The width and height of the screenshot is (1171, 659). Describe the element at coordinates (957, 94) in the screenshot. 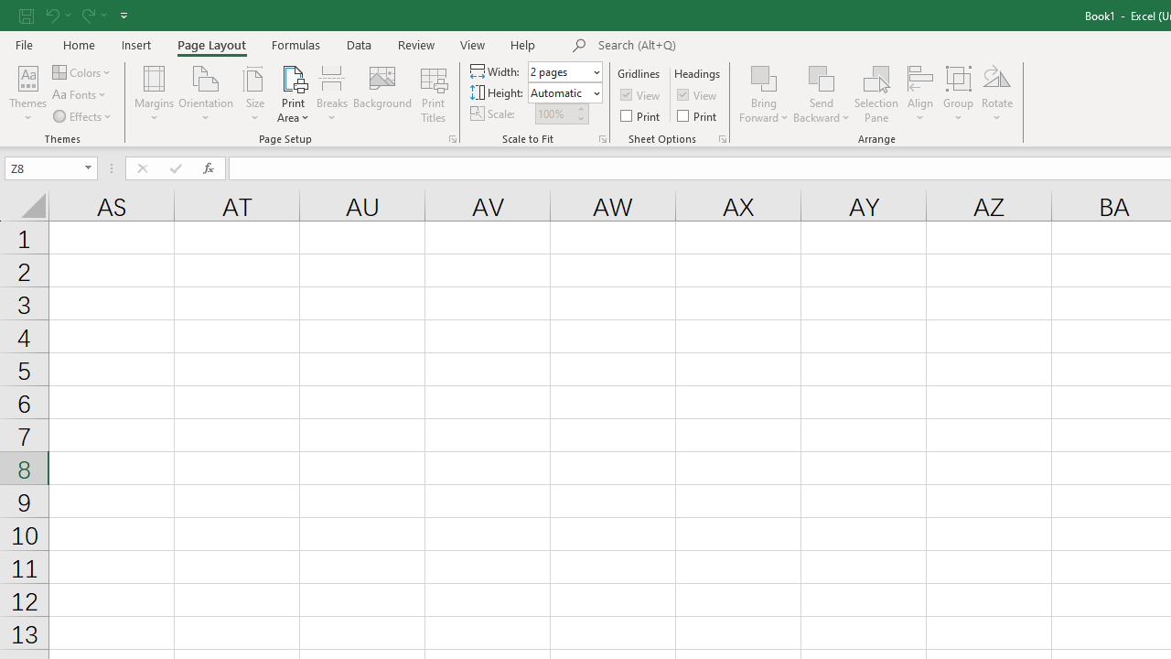

I see `'Group'` at that location.